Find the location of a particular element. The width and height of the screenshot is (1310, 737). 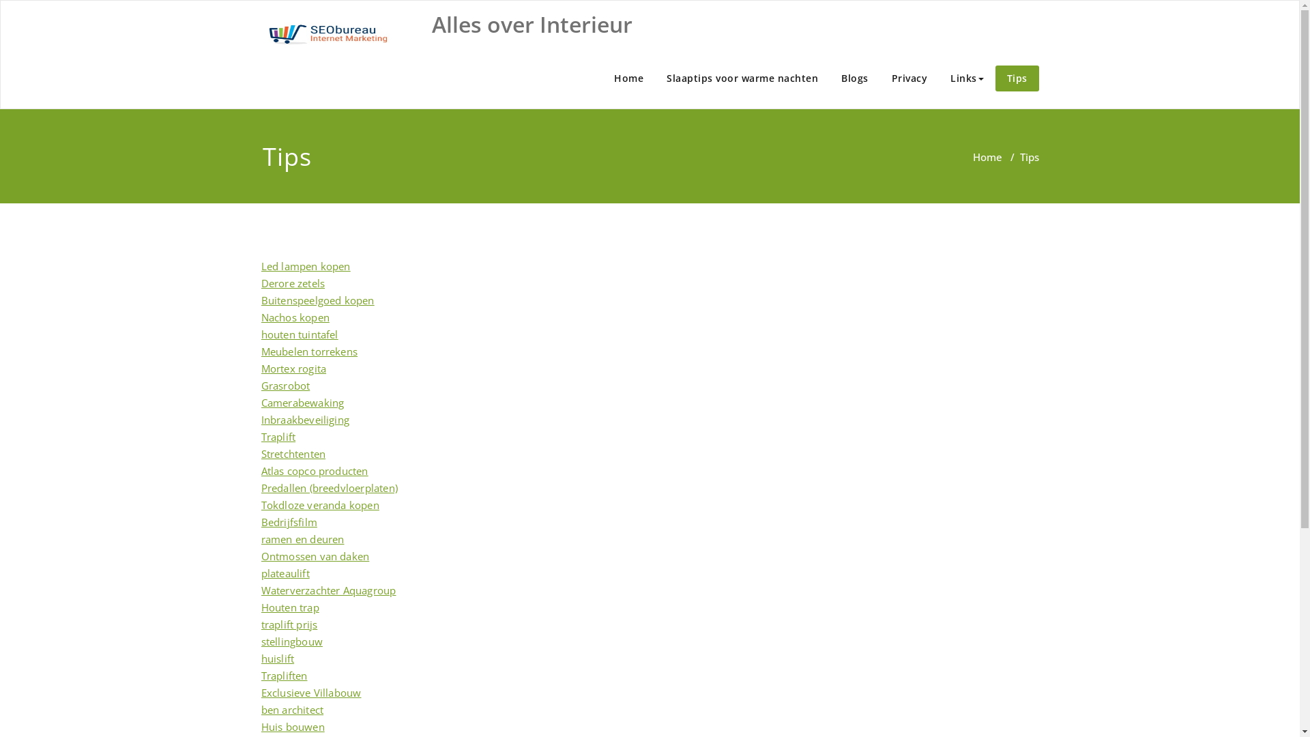

'Huis bouwen' is located at coordinates (291, 725).